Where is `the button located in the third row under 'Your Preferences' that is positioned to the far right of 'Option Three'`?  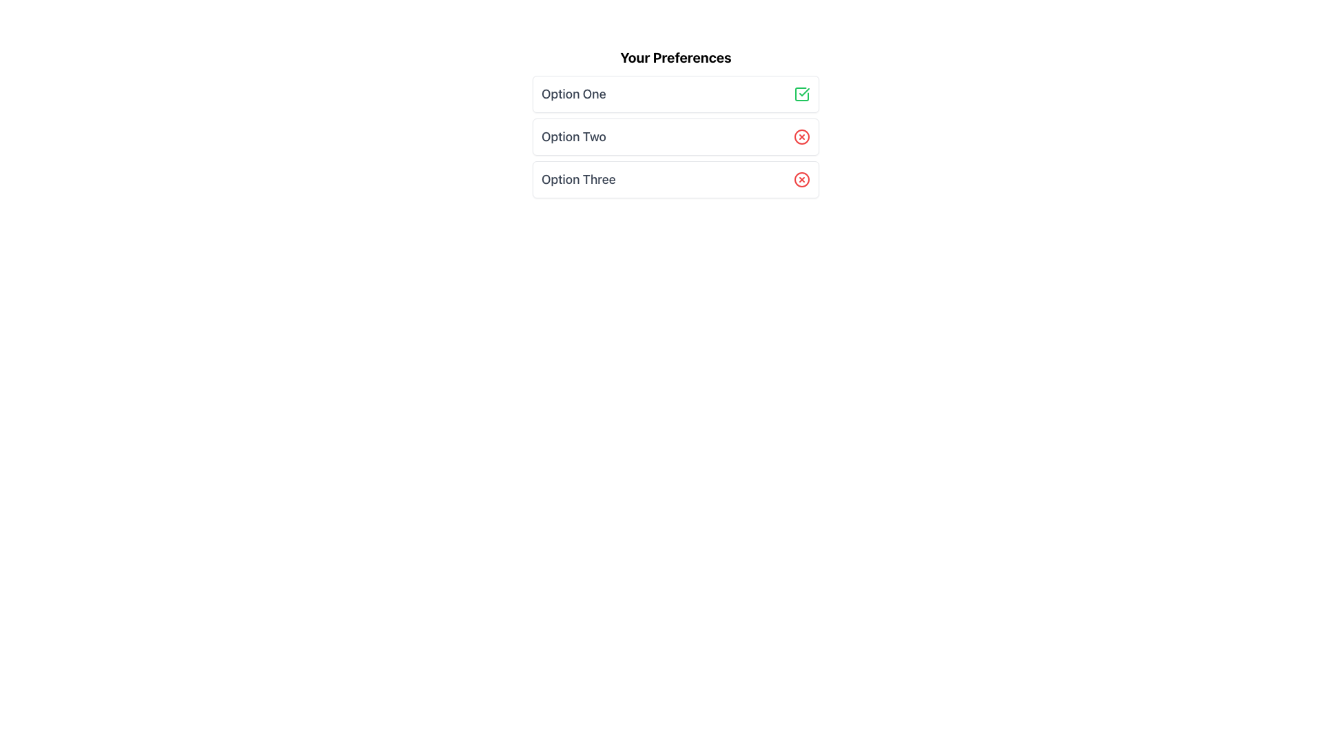
the button located in the third row under 'Your Preferences' that is positioned to the far right of 'Option Three' is located at coordinates (801, 179).